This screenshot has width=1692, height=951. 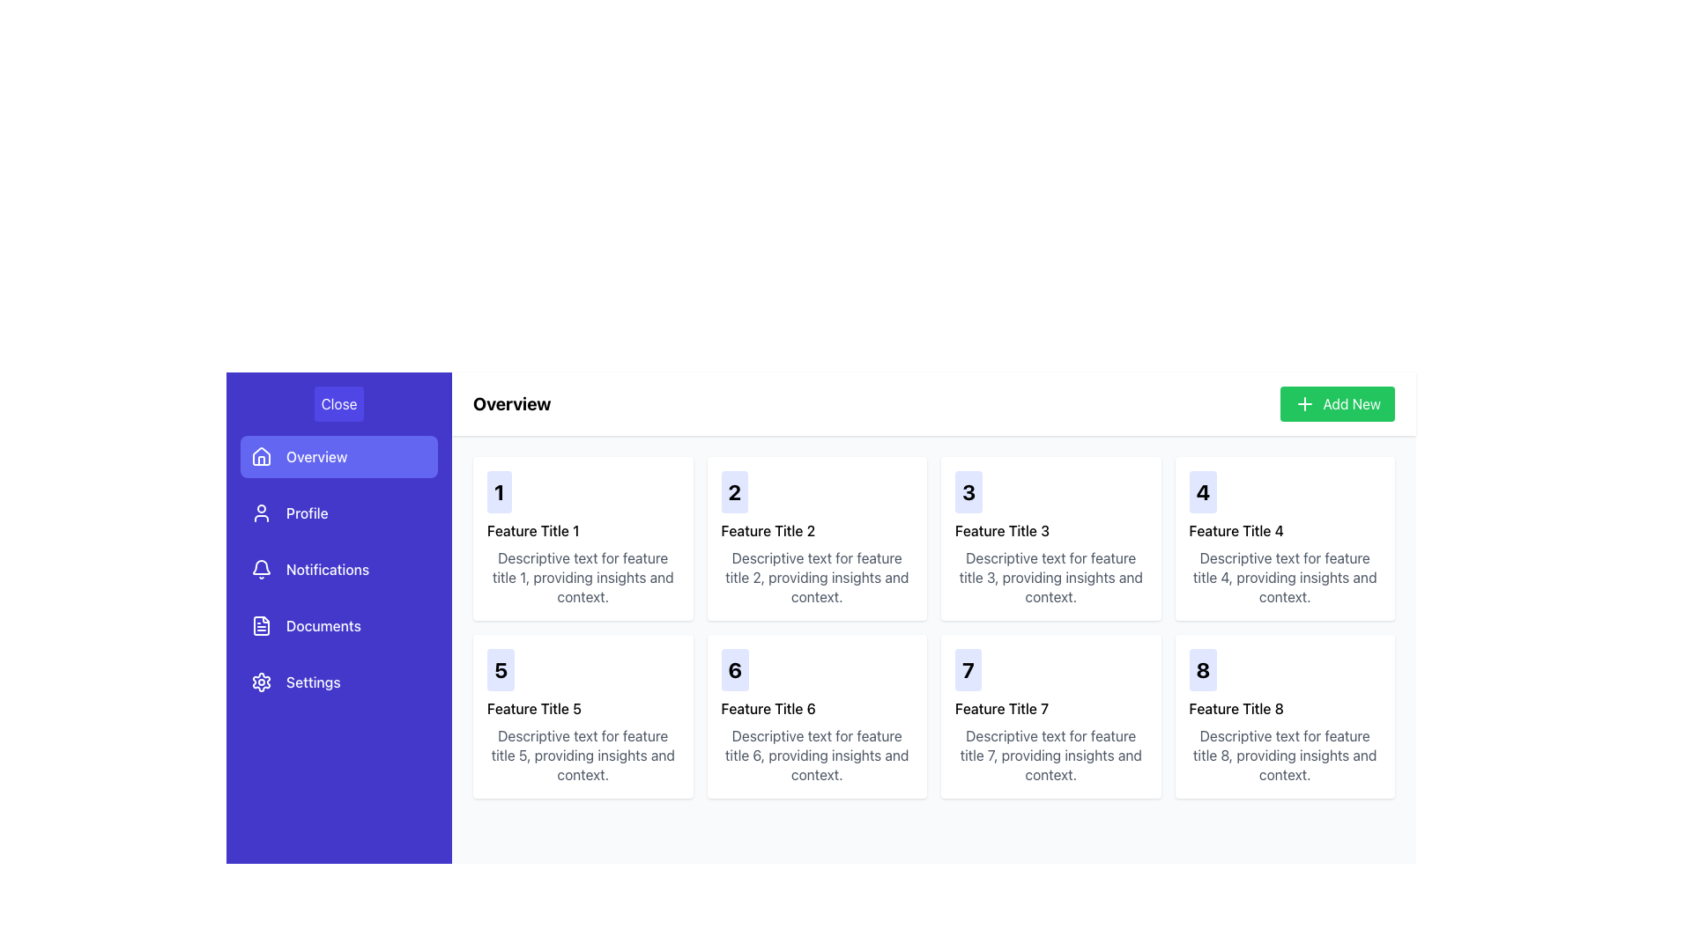 What do you see at coordinates (1202, 669) in the screenshot?
I see `the static text label displaying the number '8' in bold, large font with a light indigo background, positioned in the top-left corner of the card for 'Feature Title 8'` at bounding box center [1202, 669].